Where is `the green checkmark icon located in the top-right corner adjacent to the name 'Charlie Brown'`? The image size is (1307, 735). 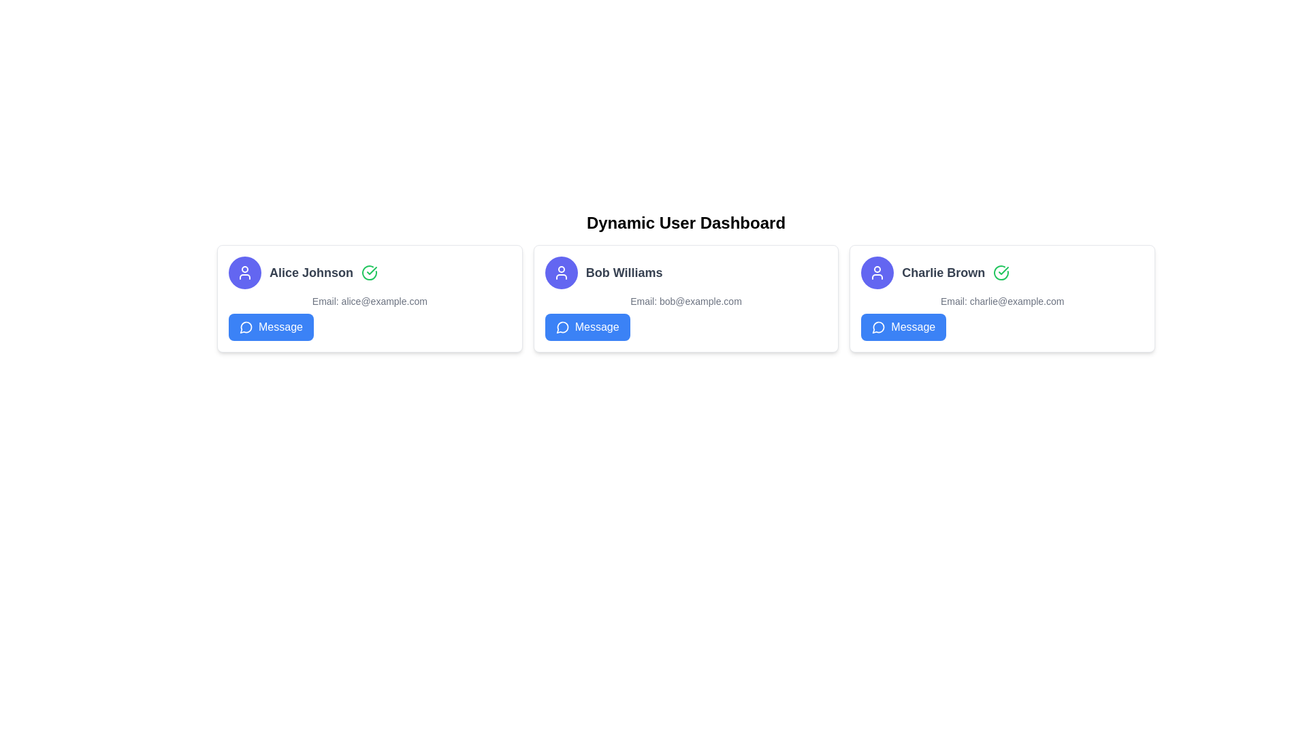
the green checkmark icon located in the top-right corner adjacent to the name 'Charlie Brown' is located at coordinates (1001, 273).